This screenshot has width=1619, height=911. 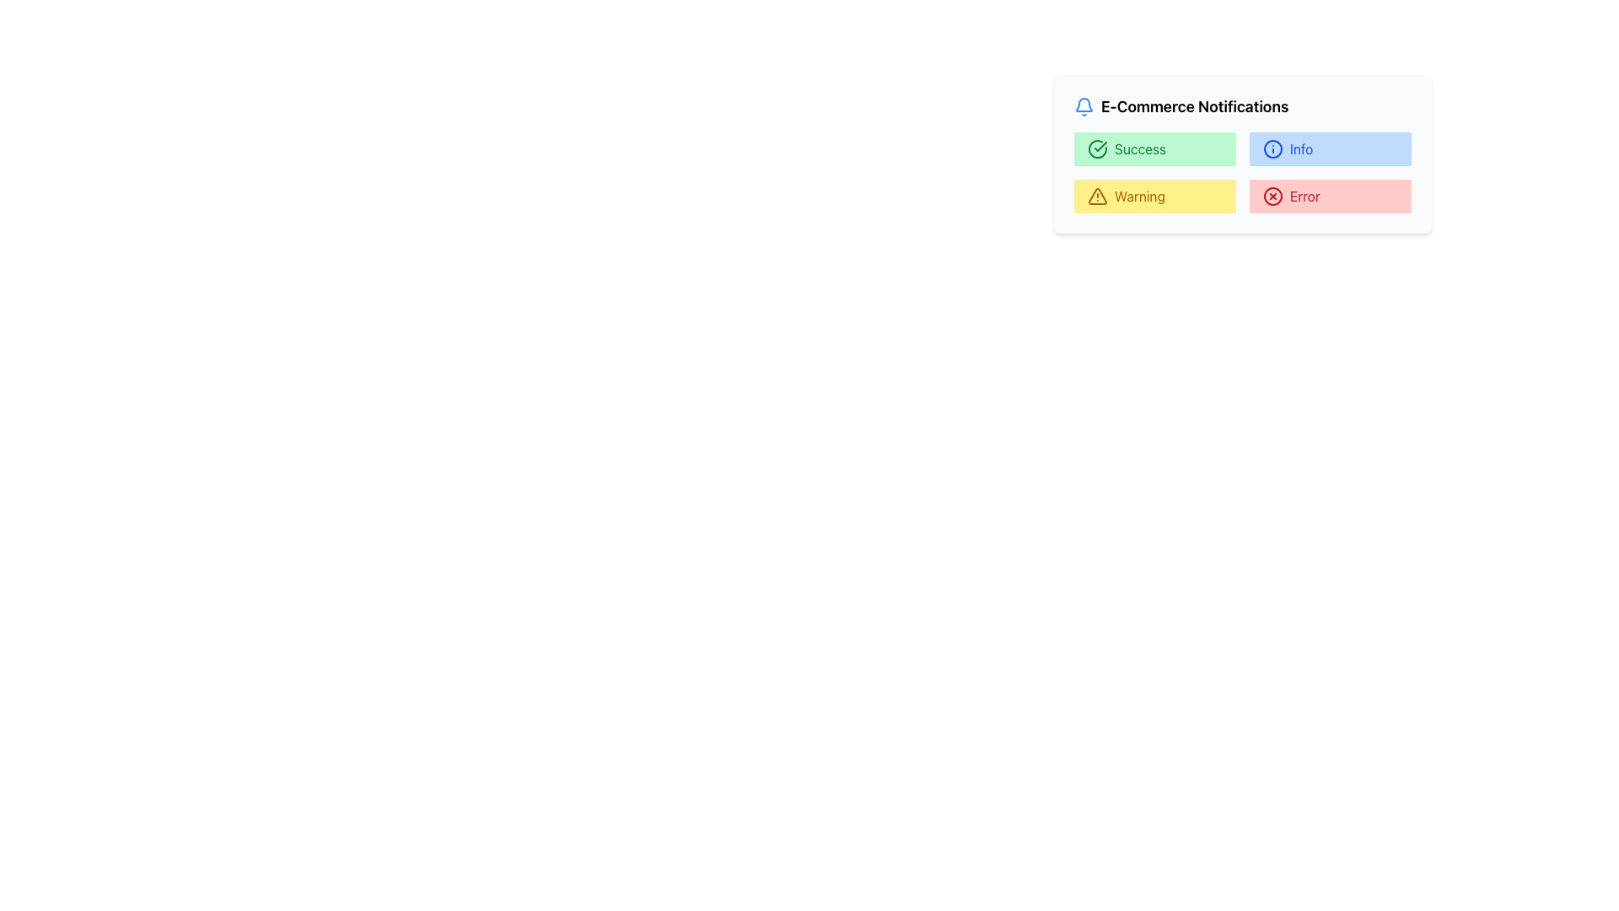 I want to click on the warning state SVG icon located on the yellow 'Warning' button, which is positioned at the bottom-left among the notification buttons, so click(x=1097, y=195).